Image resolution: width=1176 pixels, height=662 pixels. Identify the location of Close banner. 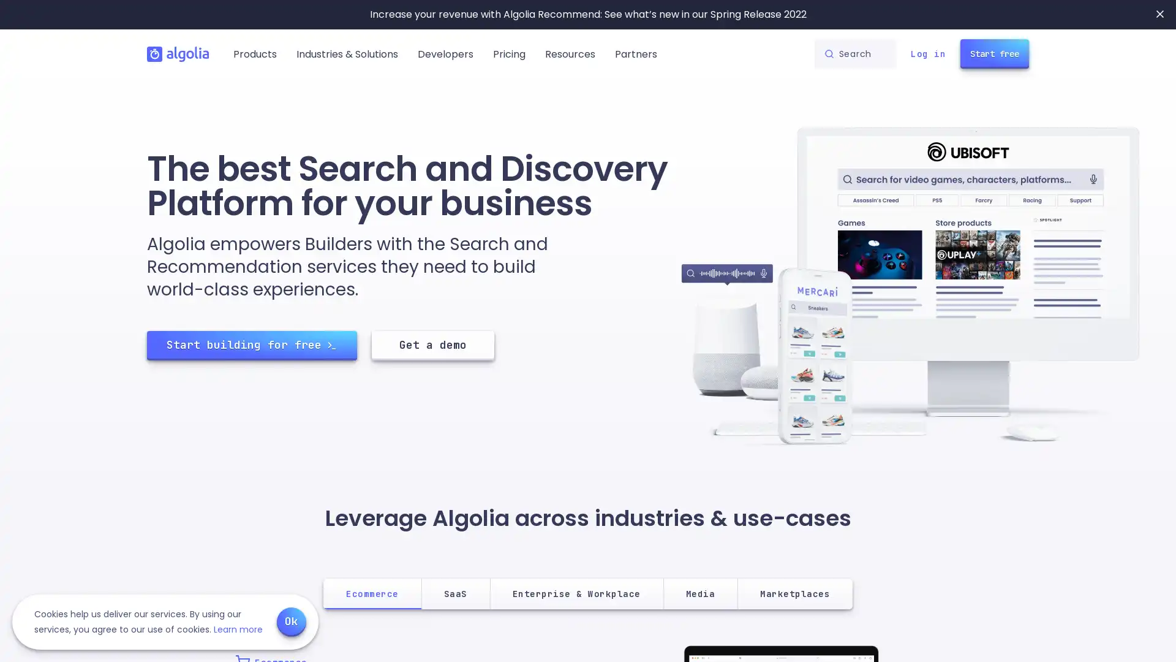
(1159, 14).